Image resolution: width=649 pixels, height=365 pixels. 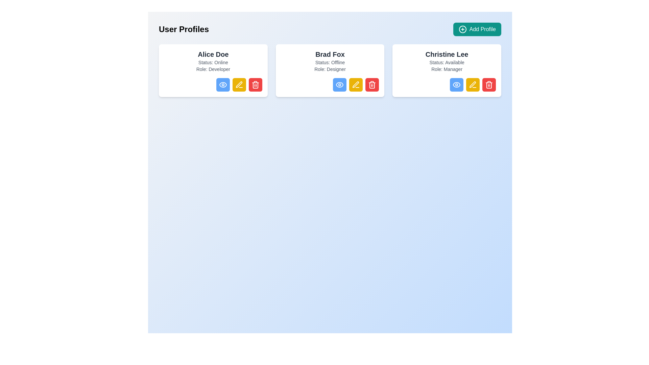 What do you see at coordinates (255, 84) in the screenshot?
I see `the red icon within the deletion button located to the rightmost position of the group of three buttons below Alice Doe's profile card to initiate the deletion process` at bounding box center [255, 84].